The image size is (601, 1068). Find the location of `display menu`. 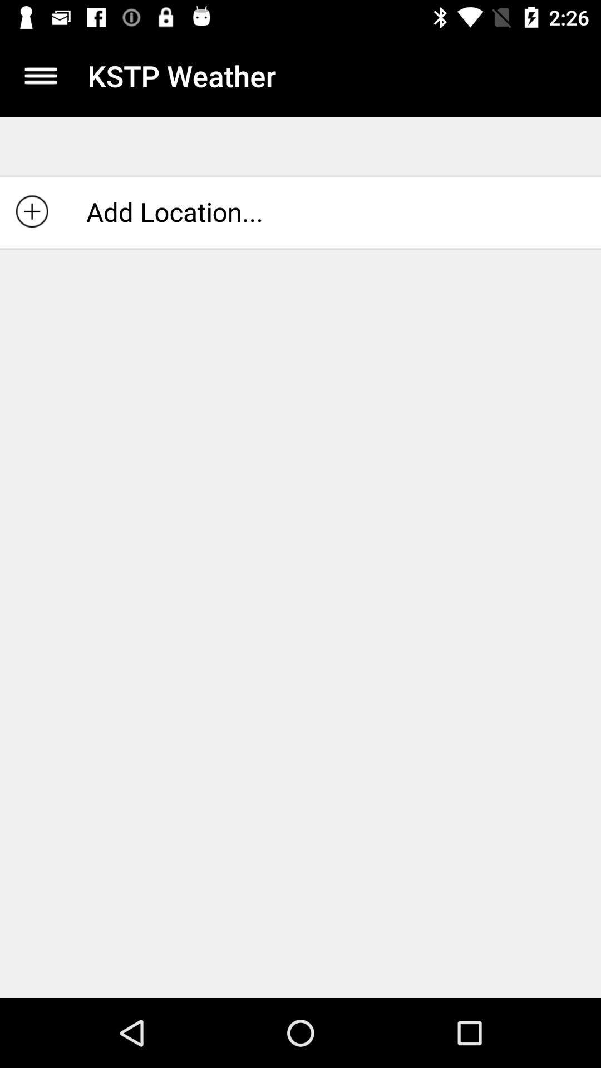

display menu is located at coordinates (40, 75).